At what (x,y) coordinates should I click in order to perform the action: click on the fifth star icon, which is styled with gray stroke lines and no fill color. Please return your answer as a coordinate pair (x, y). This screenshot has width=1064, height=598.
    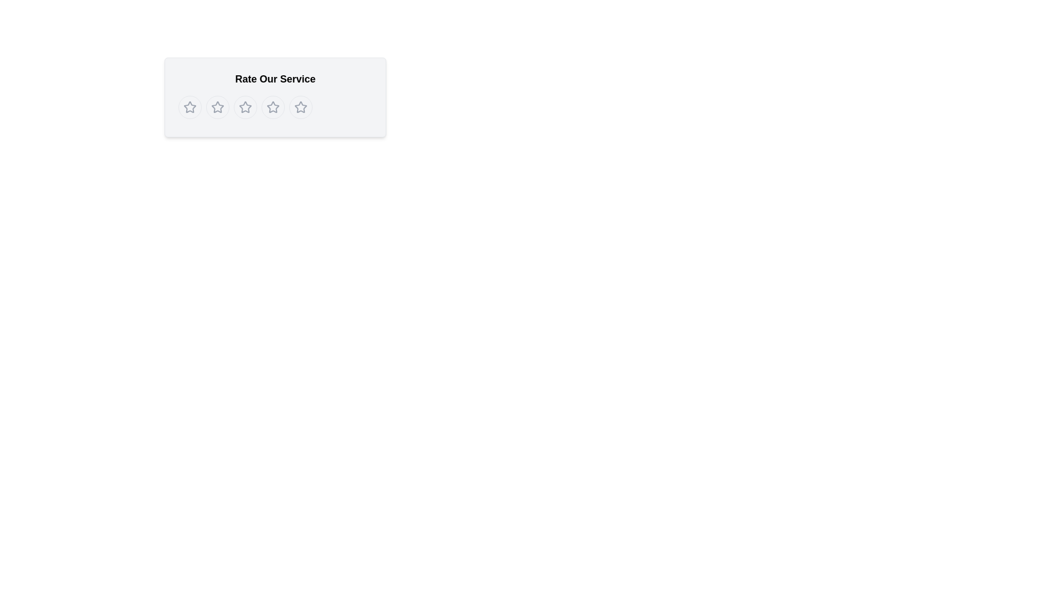
    Looking at the image, I should click on (300, 107).